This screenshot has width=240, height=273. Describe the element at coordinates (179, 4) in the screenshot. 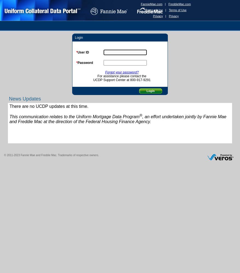

I see `'FreddieMac.com'` at that location.